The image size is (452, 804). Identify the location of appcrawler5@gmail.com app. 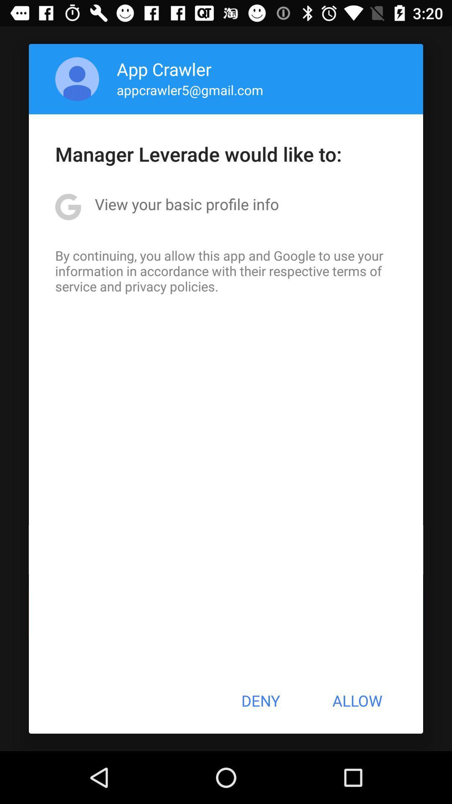
(190, 90).